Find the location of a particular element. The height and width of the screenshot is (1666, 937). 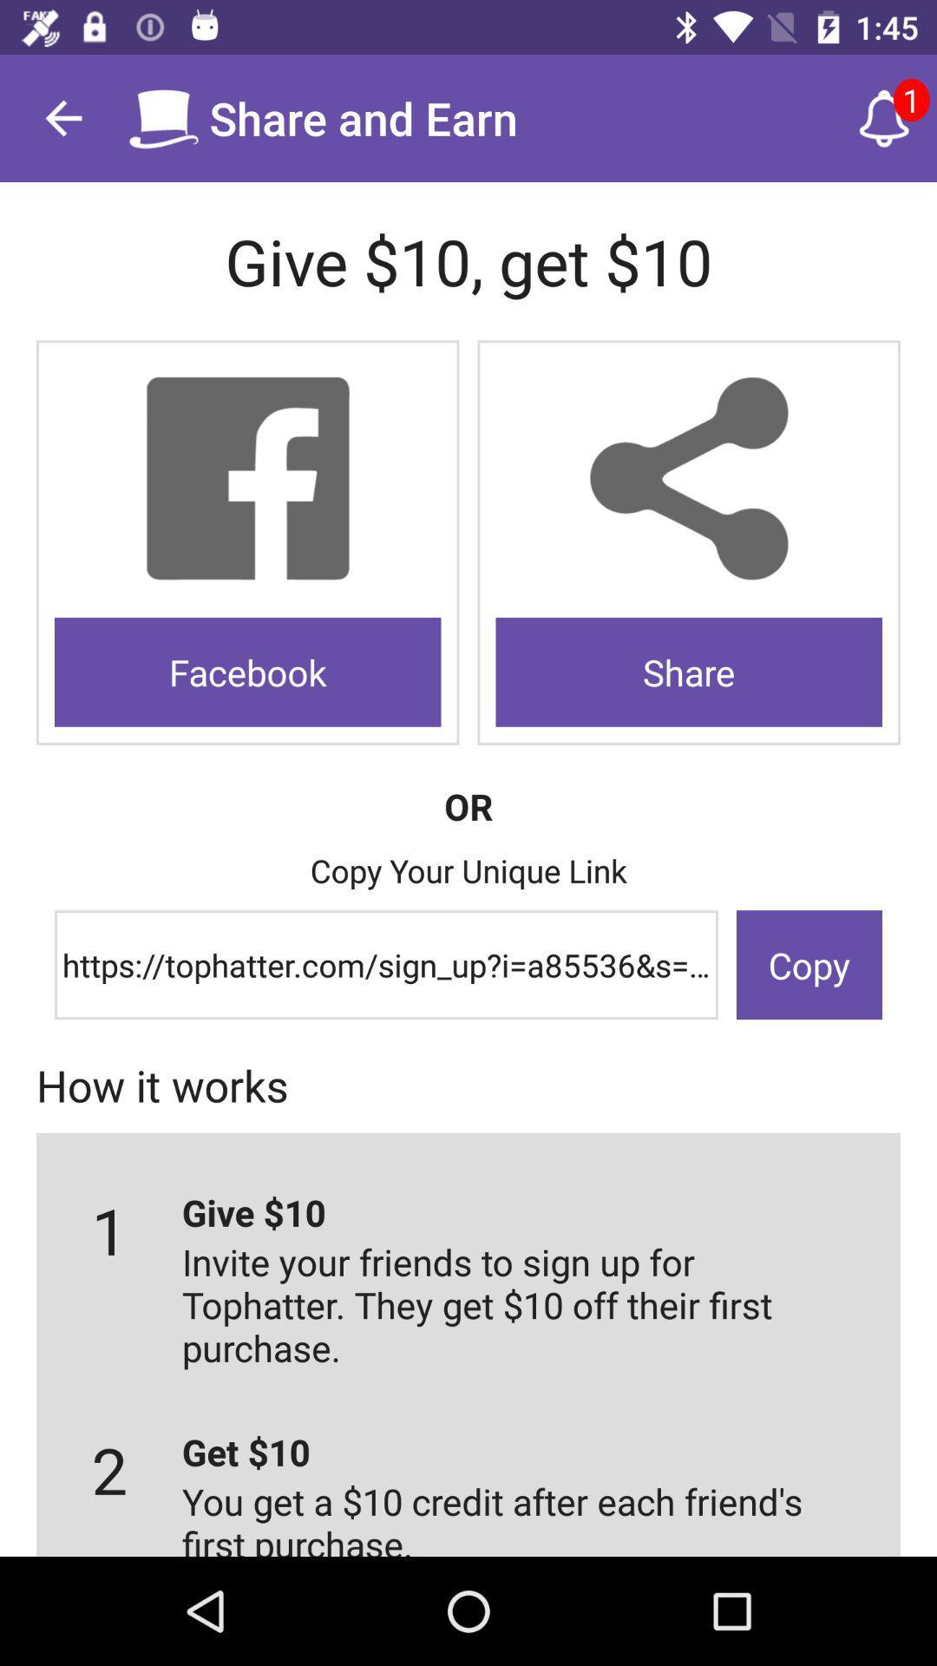

open notifications is located at coordinates (884, 117).